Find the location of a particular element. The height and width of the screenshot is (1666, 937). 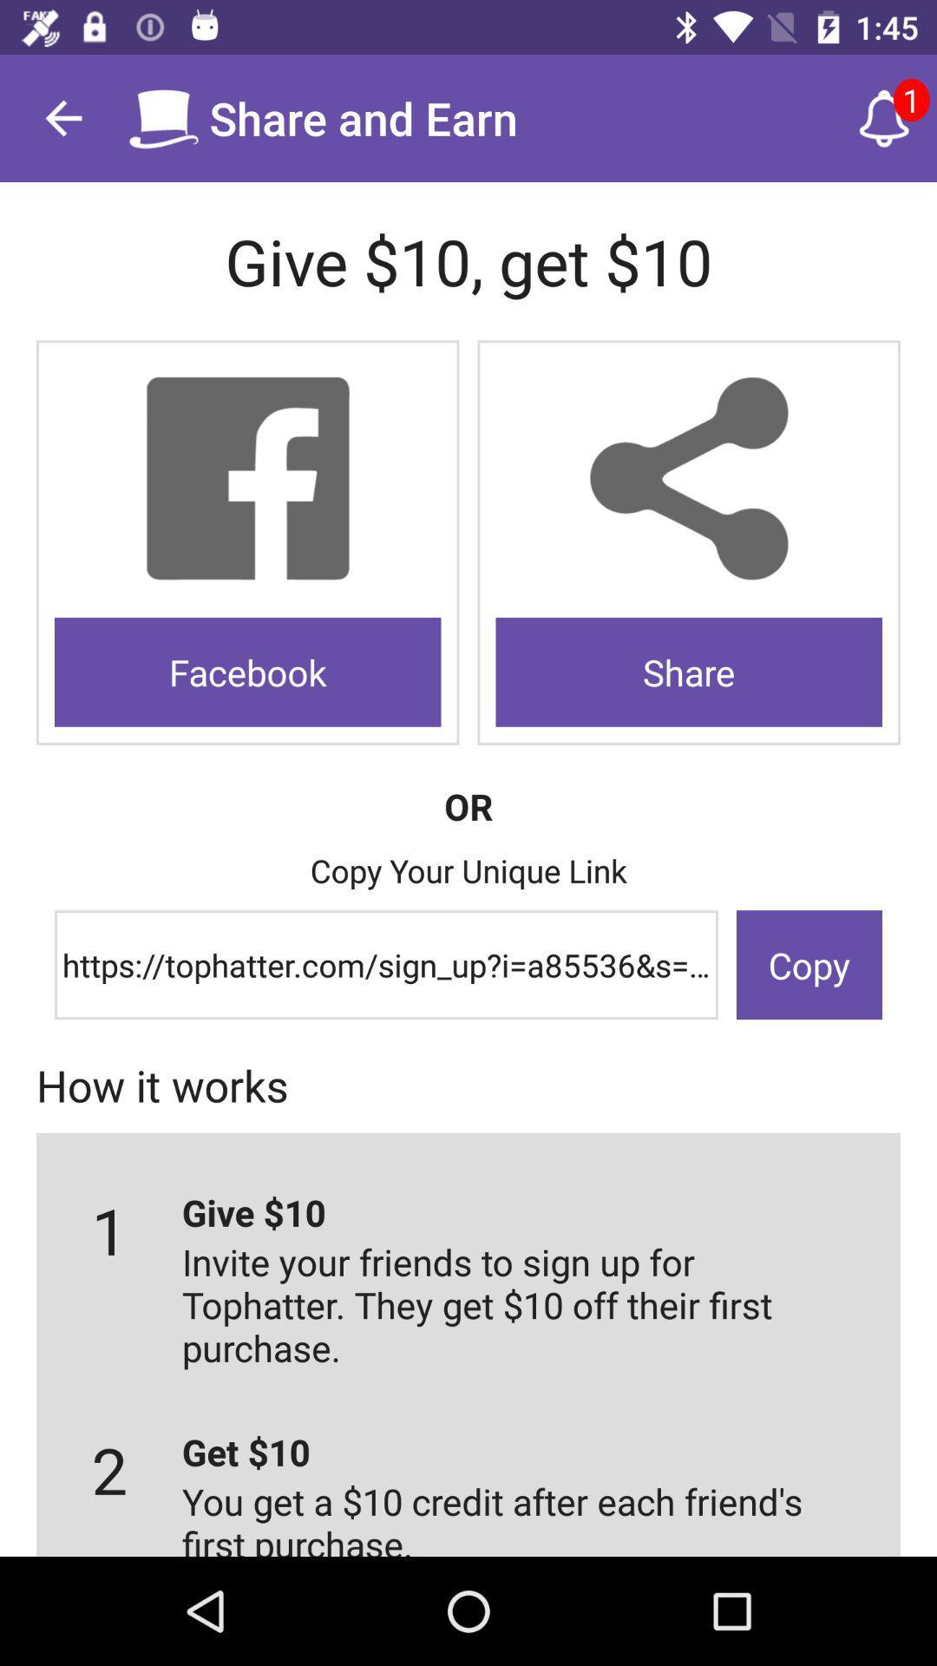

open notifications is located at coordinates (884, 117).